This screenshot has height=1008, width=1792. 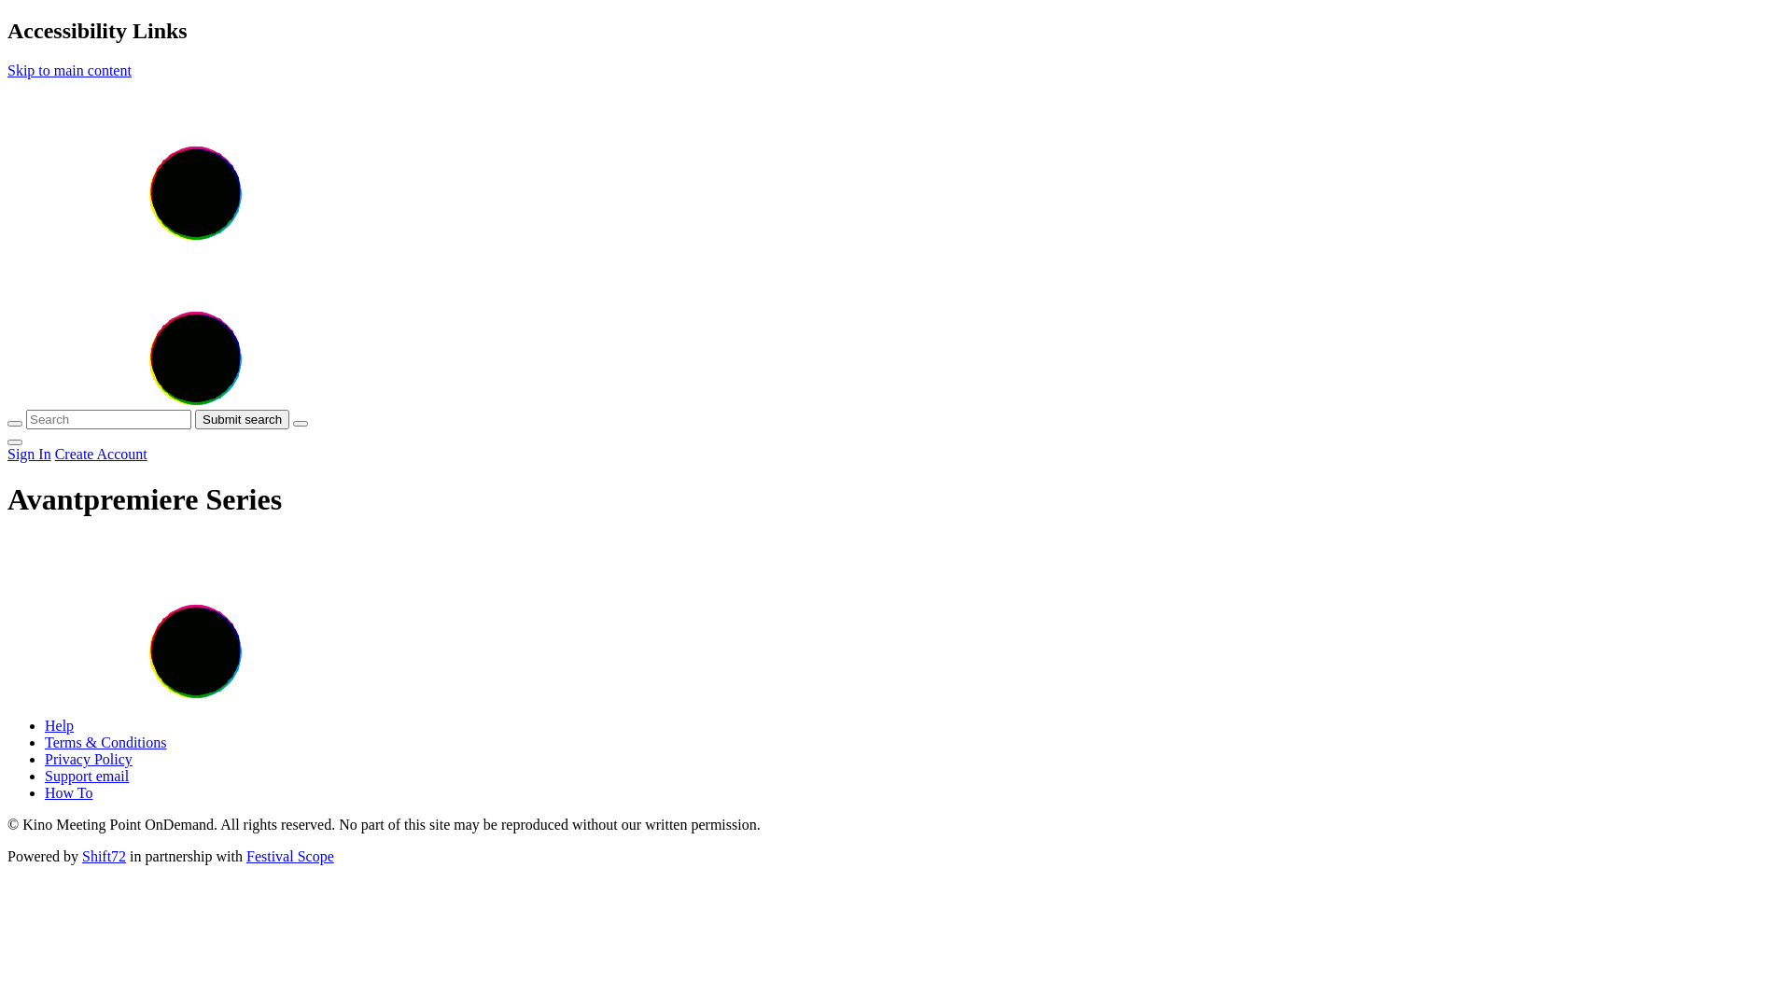 What do you see at coordinates (289, 856) in the screenshot?
I see `'Festival Scope'` at bounding box center [289, 856].